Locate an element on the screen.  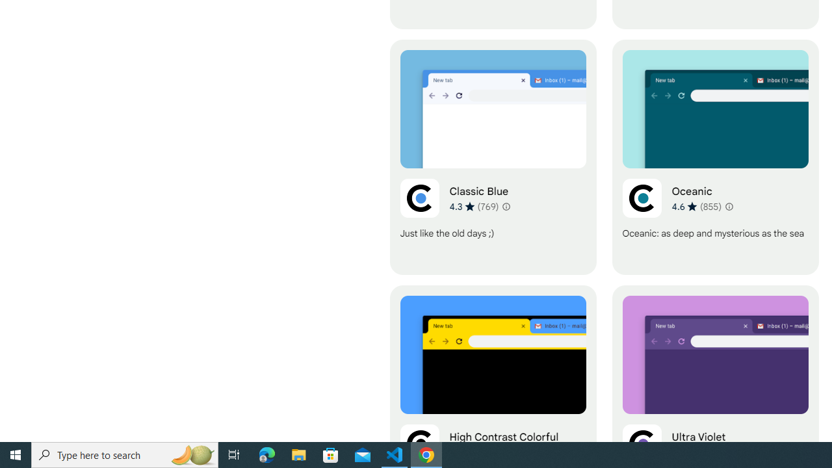
'Classic Blue' is located at coordinates (492, 157).